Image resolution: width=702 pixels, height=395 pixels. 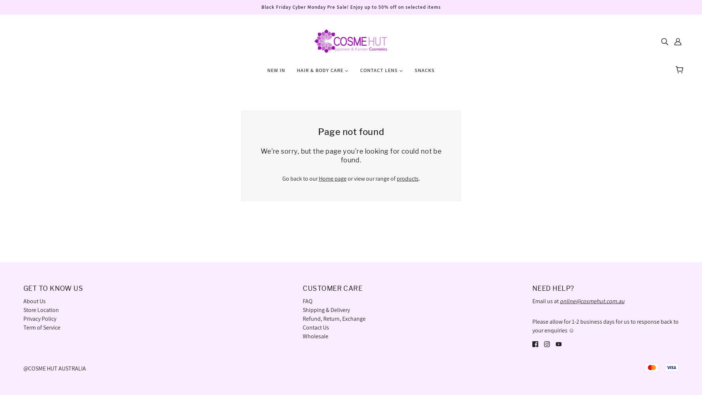 What do you see at coordinates (316, 336) in the screenshot?
I see `'Wholesale'` at bounding box center [316, 336].